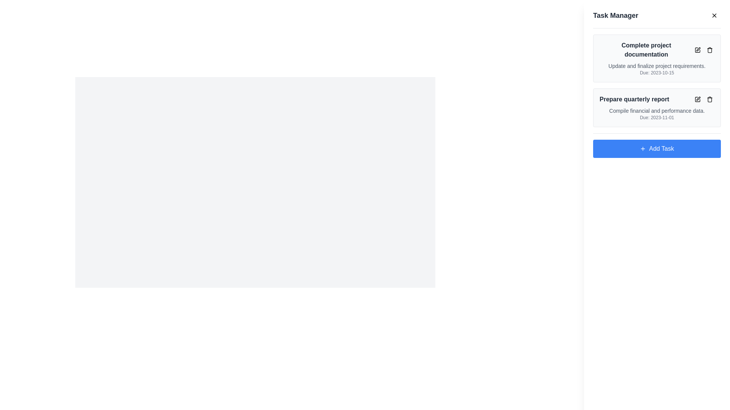 The width and height of the screenshot is (730, 410). I want to click on text content of the text label displaying 'Due: 2023-10-15', located below the description text 'Update and finalize project requirements' in the task card, so click(657, 73).